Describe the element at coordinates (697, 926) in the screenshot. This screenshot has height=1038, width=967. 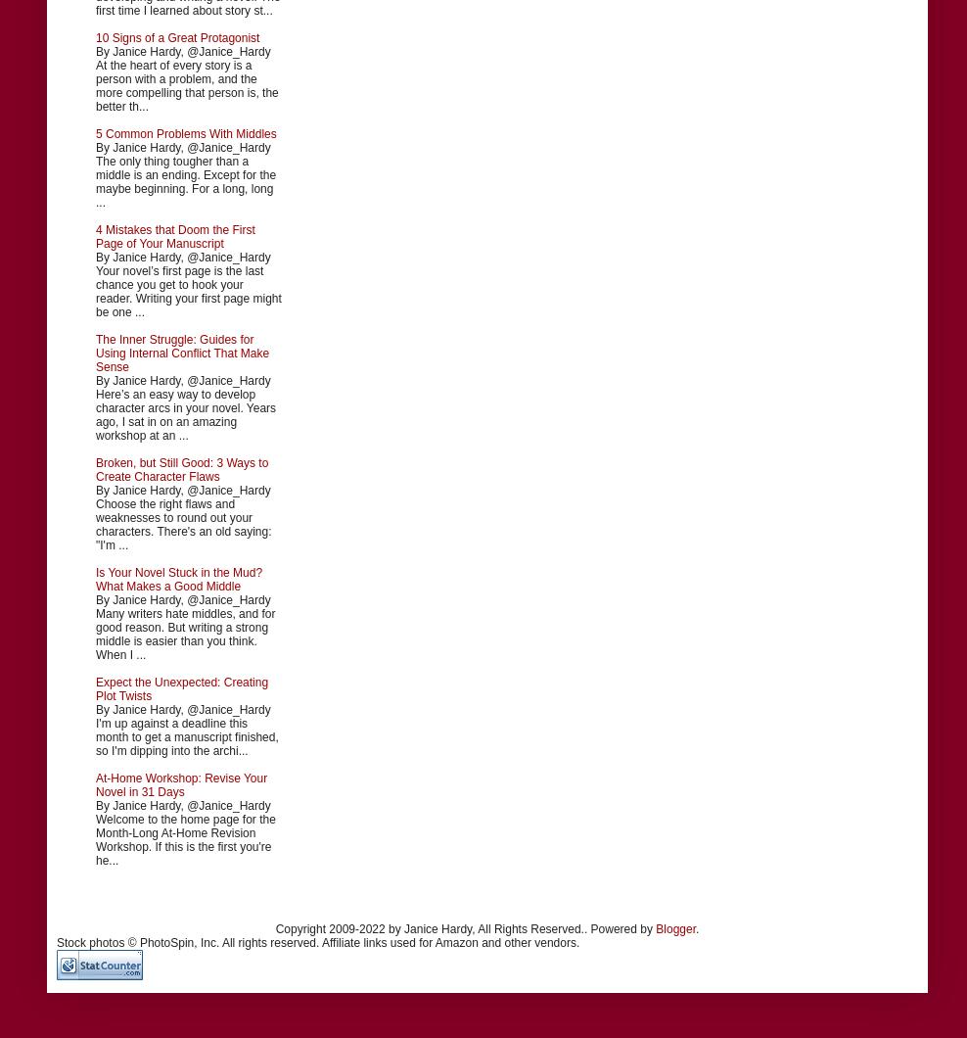
I see `'.'` at that location.